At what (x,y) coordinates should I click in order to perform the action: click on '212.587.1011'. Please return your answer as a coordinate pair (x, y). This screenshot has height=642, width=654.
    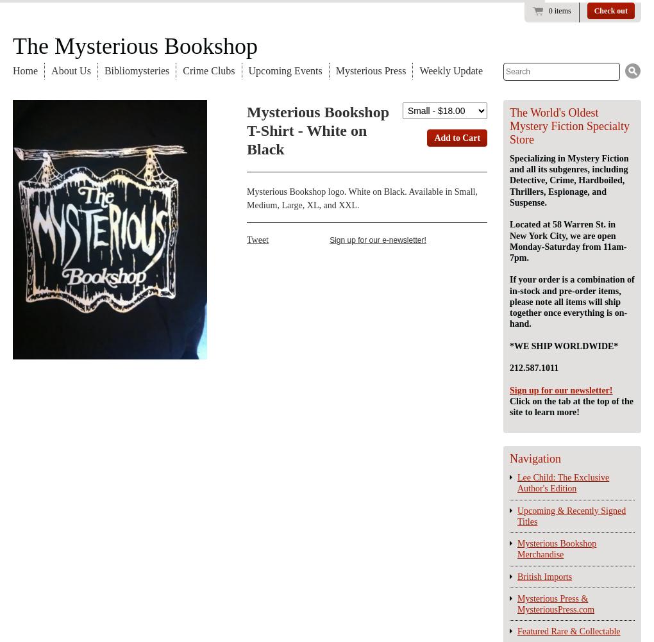
    Looking at the image, I should click on (534, 368).